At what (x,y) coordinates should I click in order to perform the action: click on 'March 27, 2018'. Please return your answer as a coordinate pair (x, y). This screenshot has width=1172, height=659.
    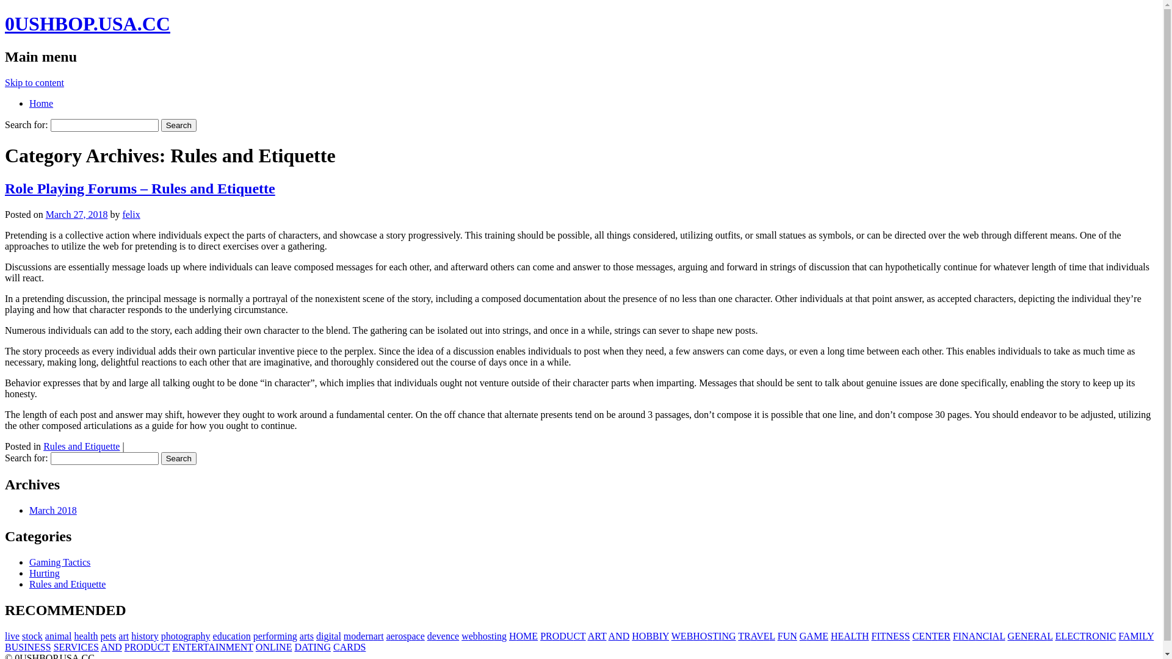
    Looking at the image, I should click on (76, 214).